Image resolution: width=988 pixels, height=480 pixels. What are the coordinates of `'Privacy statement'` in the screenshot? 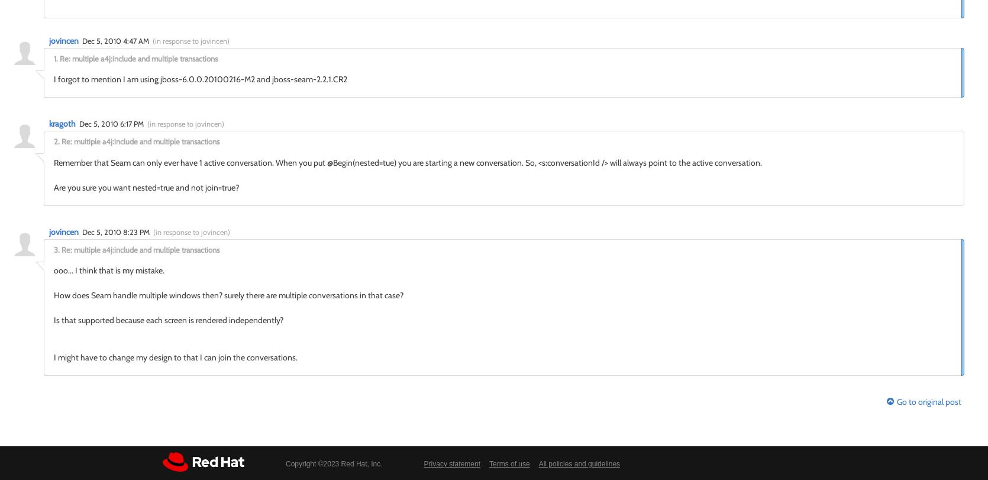 It's located at (451, 463).